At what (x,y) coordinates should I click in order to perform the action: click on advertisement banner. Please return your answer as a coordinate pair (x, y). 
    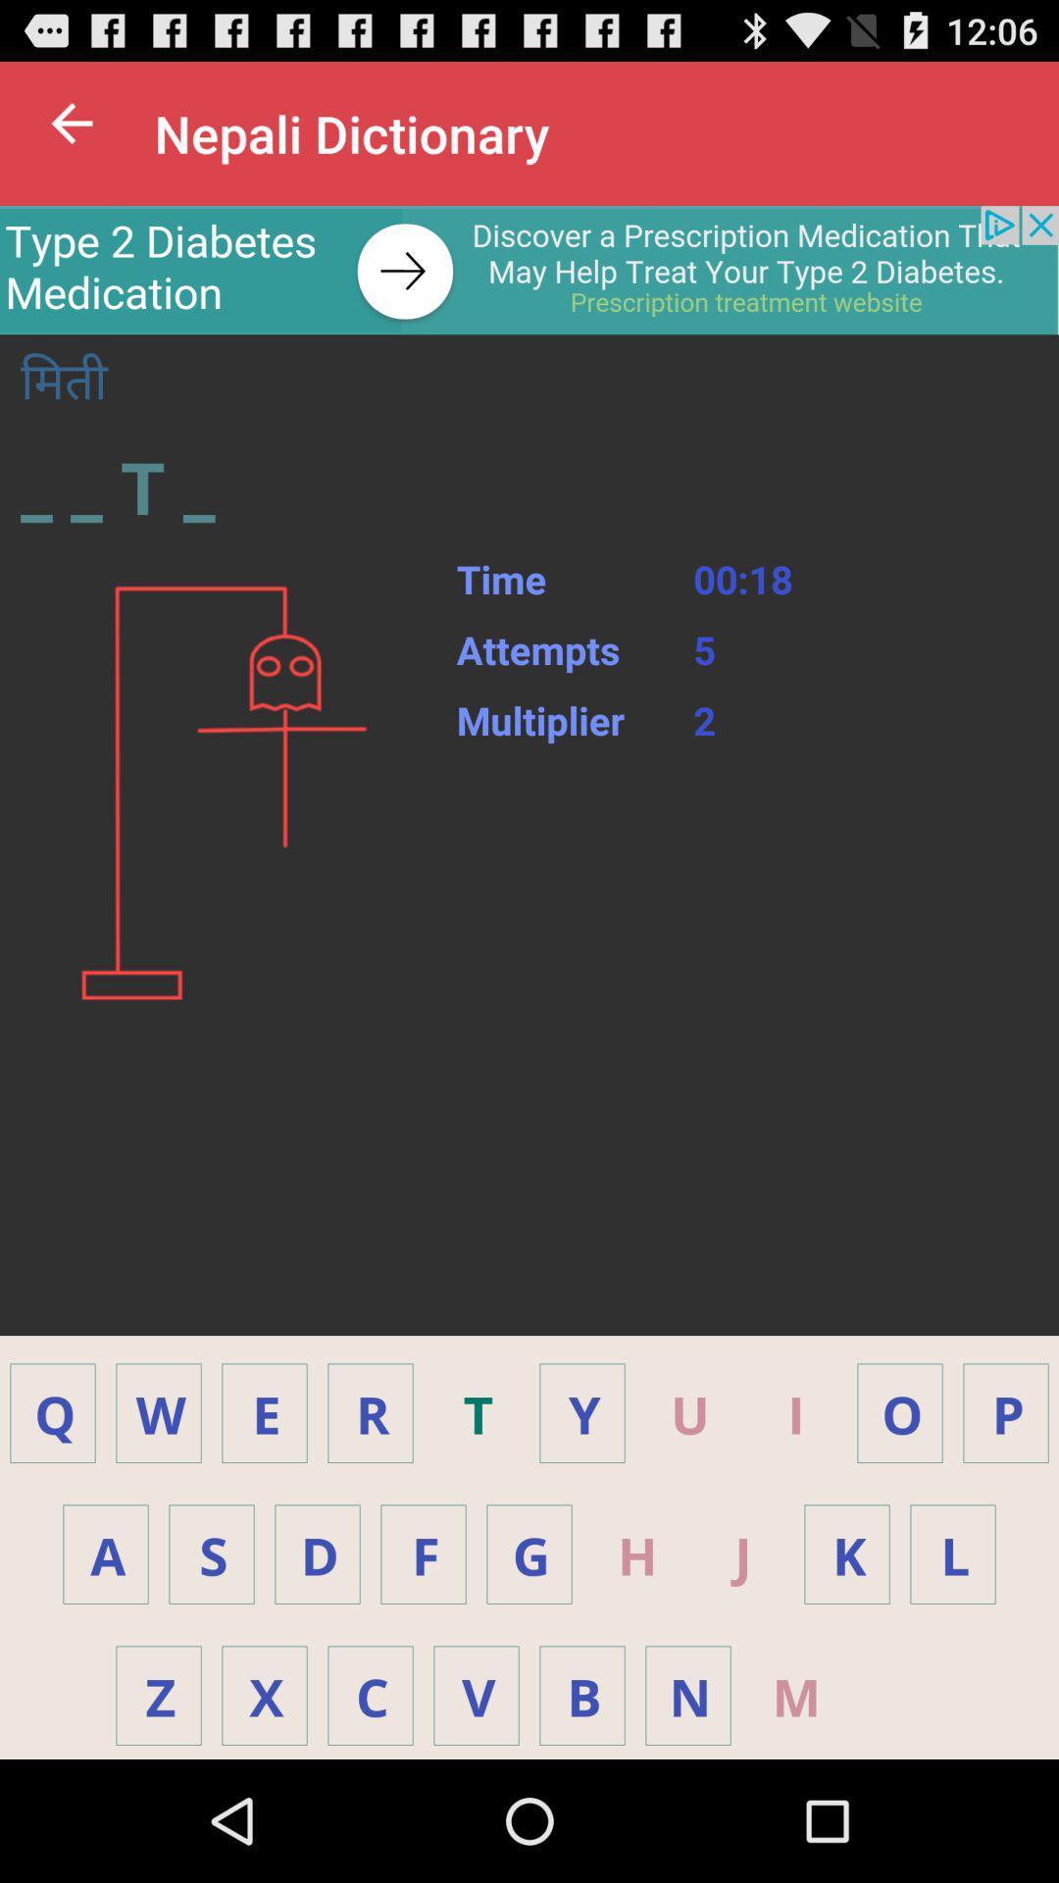
    Looking at the image, I should click on (529, 269).